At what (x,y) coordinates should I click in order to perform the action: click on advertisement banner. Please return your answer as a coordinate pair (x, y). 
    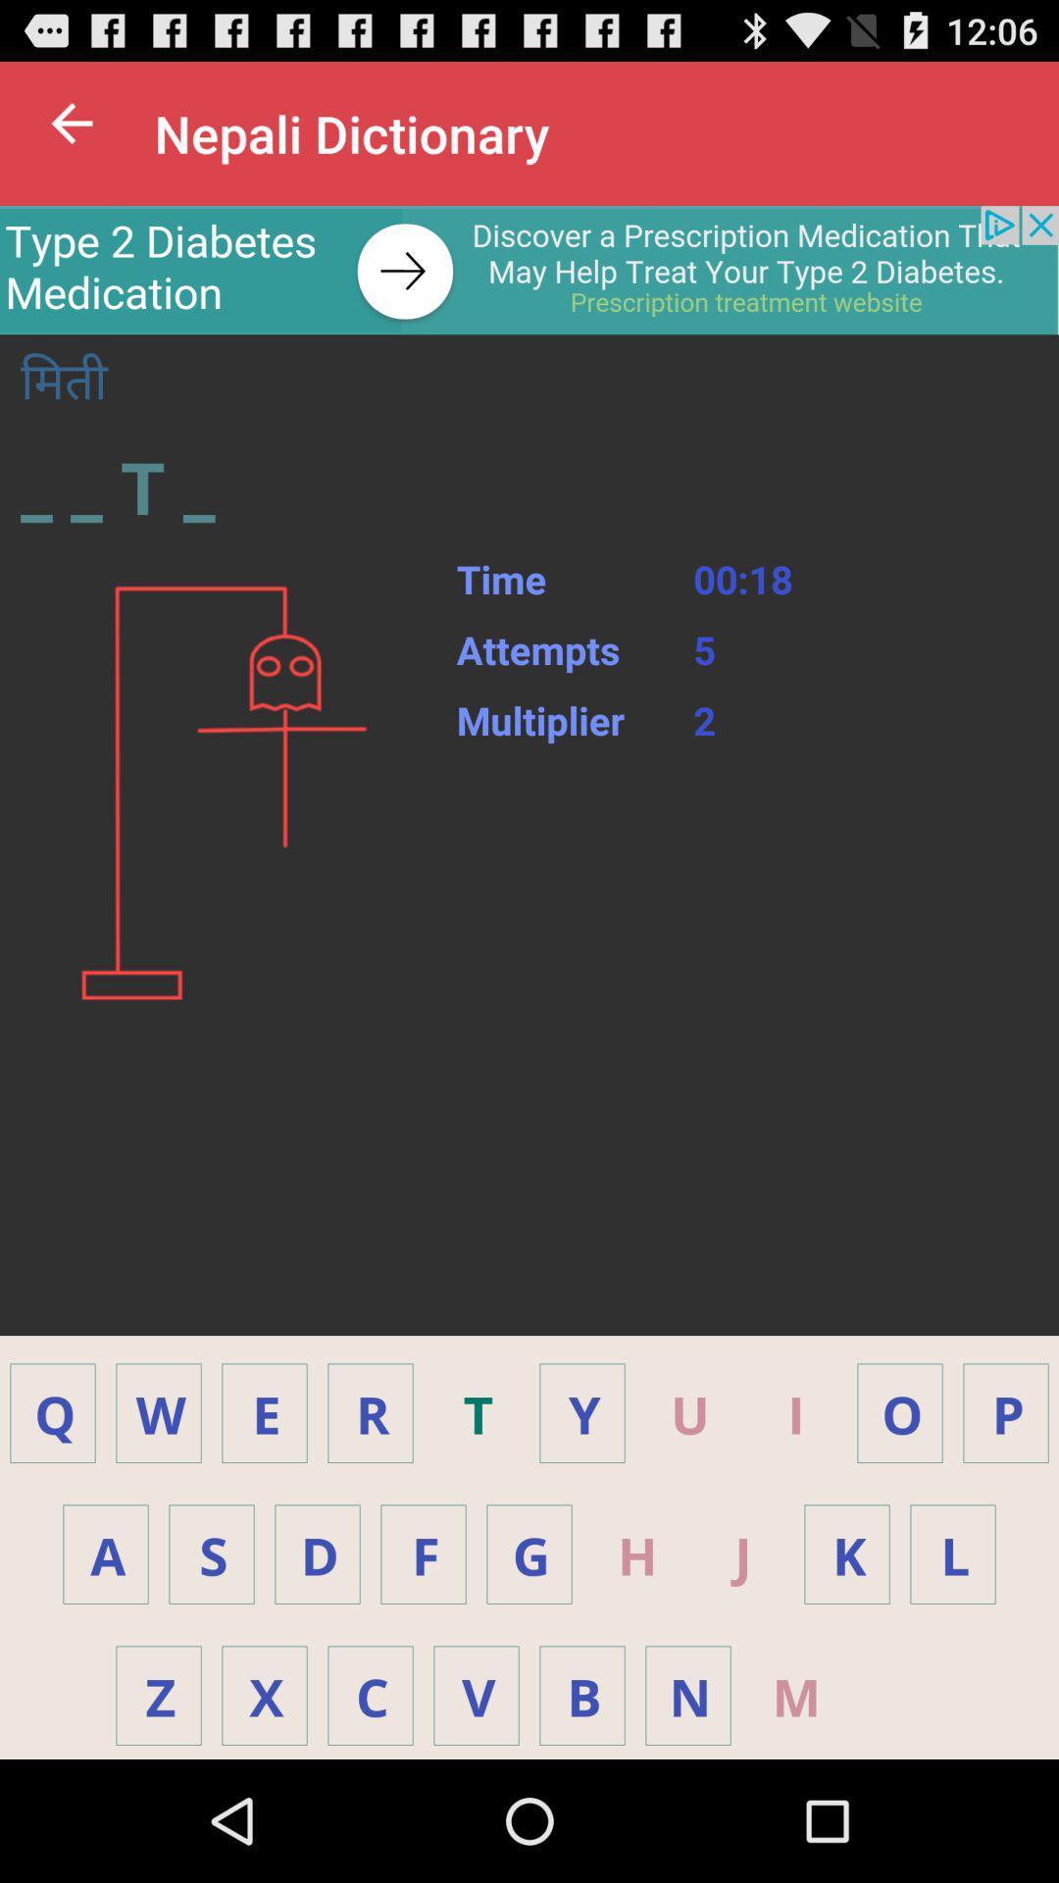
    Looking at the image, I should click on (529, 269).